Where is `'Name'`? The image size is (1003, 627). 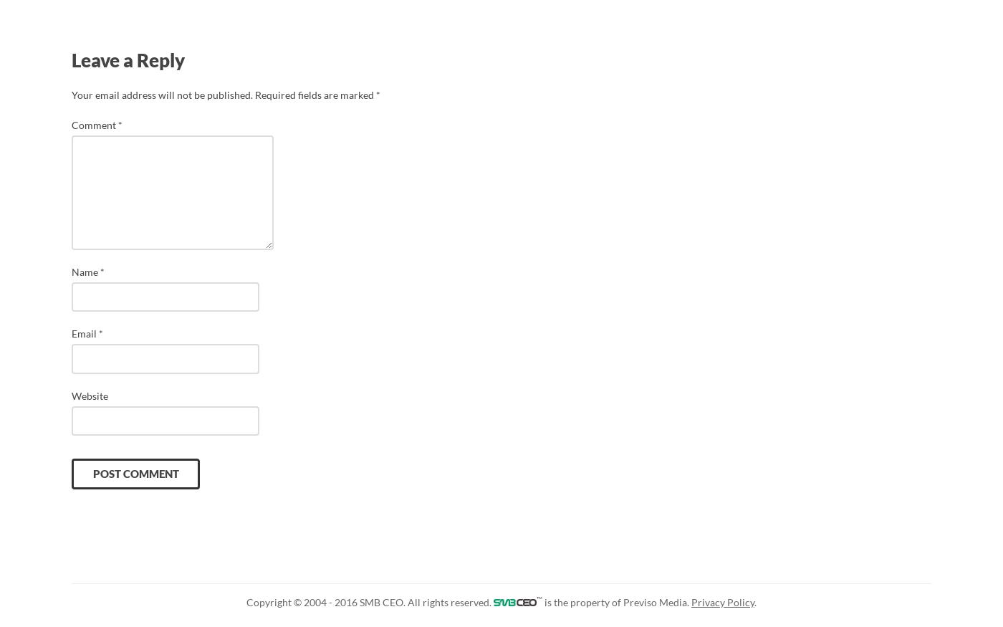
'Name' is located at coordinates (85, 271).